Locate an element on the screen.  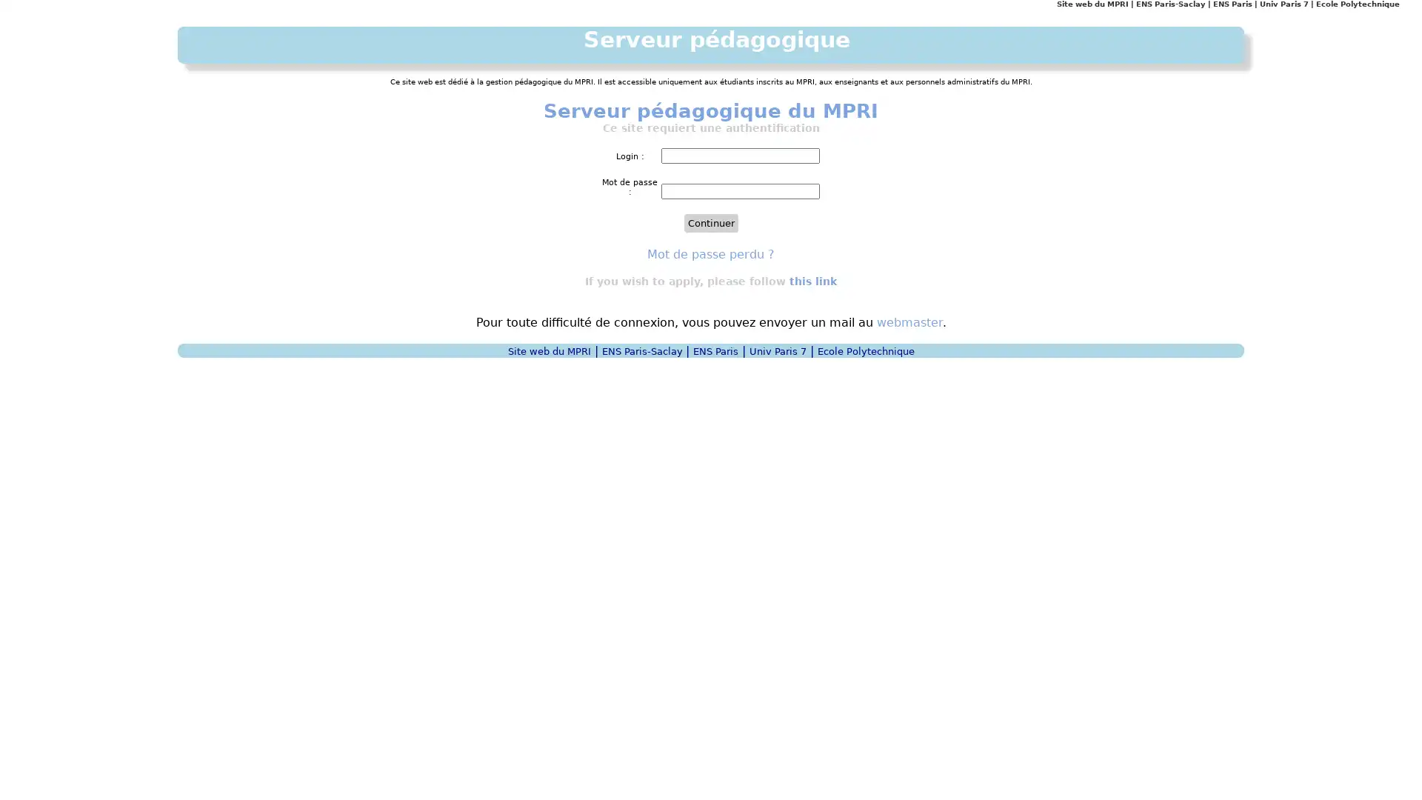
Continuer is located at coordinates (710, 222).